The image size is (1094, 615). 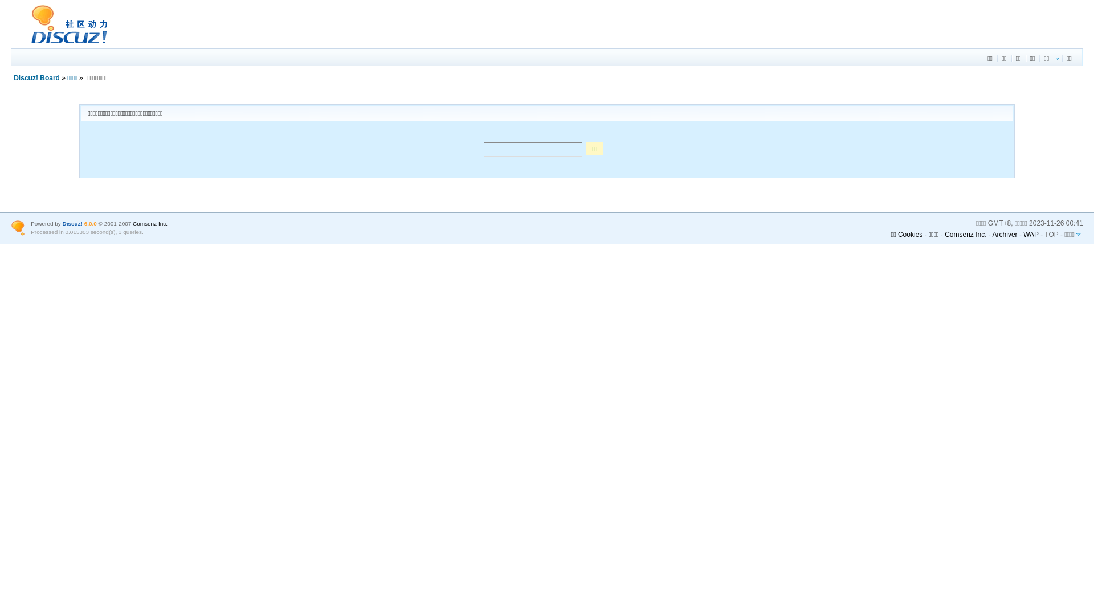 I want to click on 'TOP', so click(x=1050, y=234).